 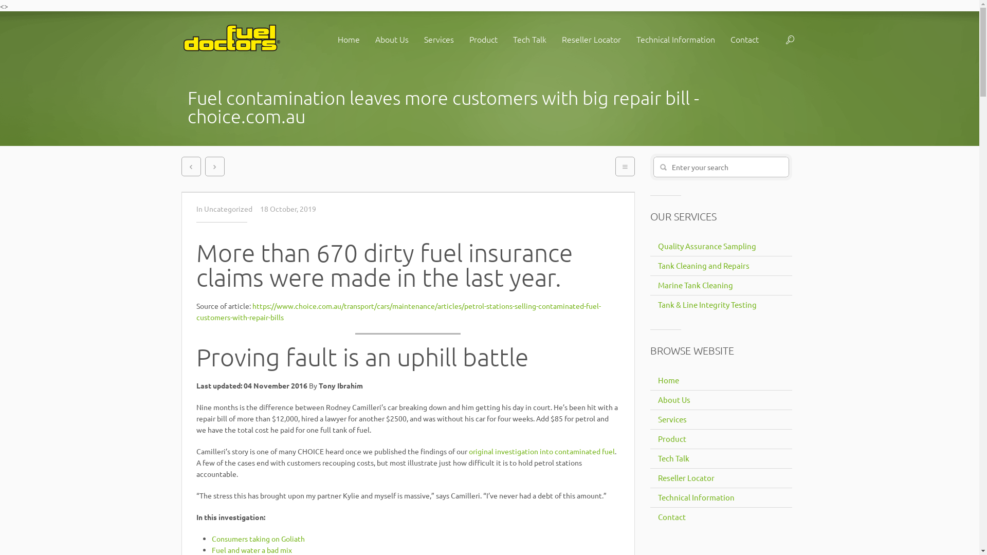 I want to click on 'Quality Assurance Sampling', so click(x=705, y=246).